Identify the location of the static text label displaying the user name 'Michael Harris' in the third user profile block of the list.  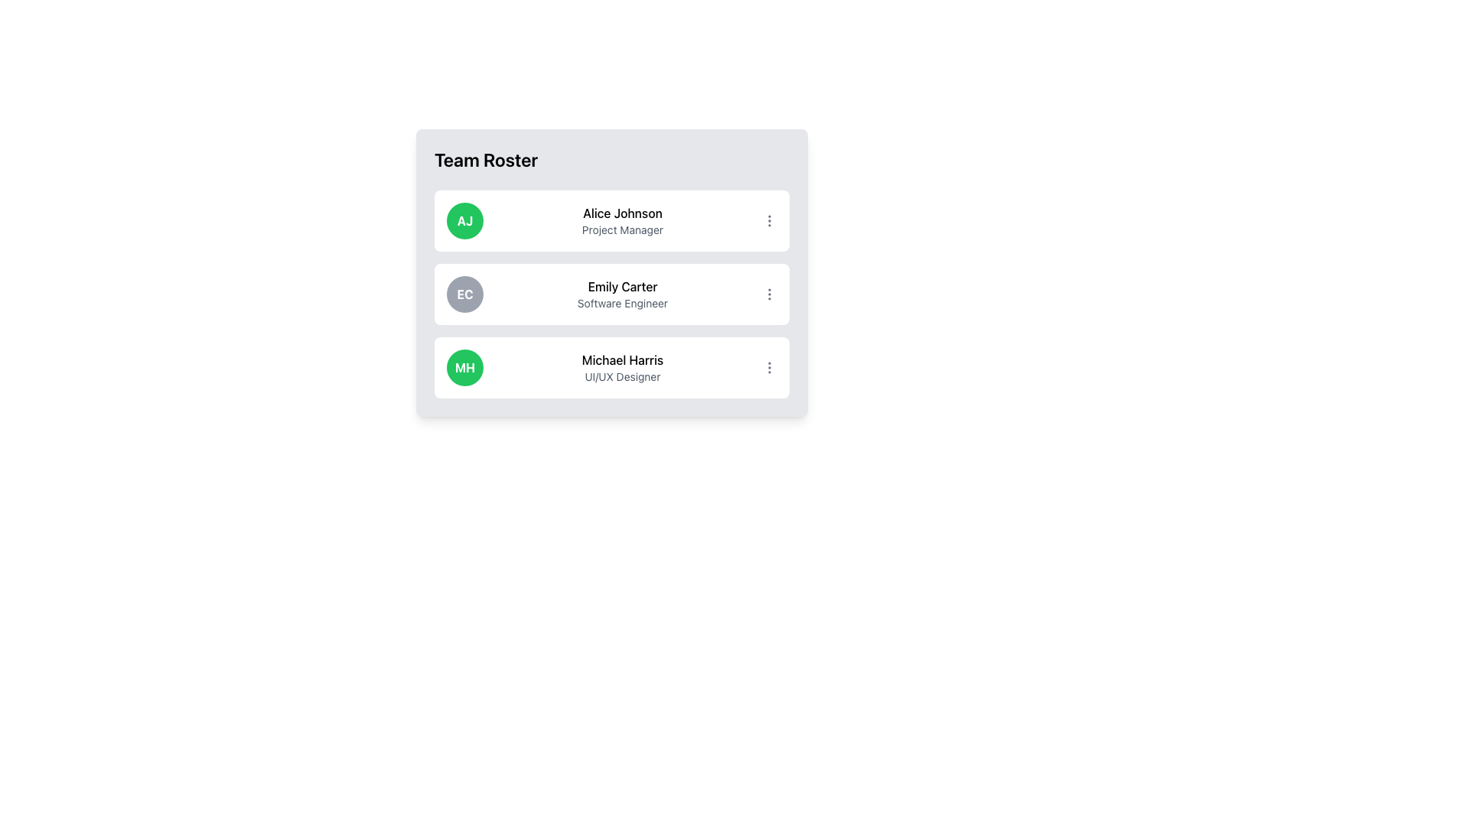
(623, 359).